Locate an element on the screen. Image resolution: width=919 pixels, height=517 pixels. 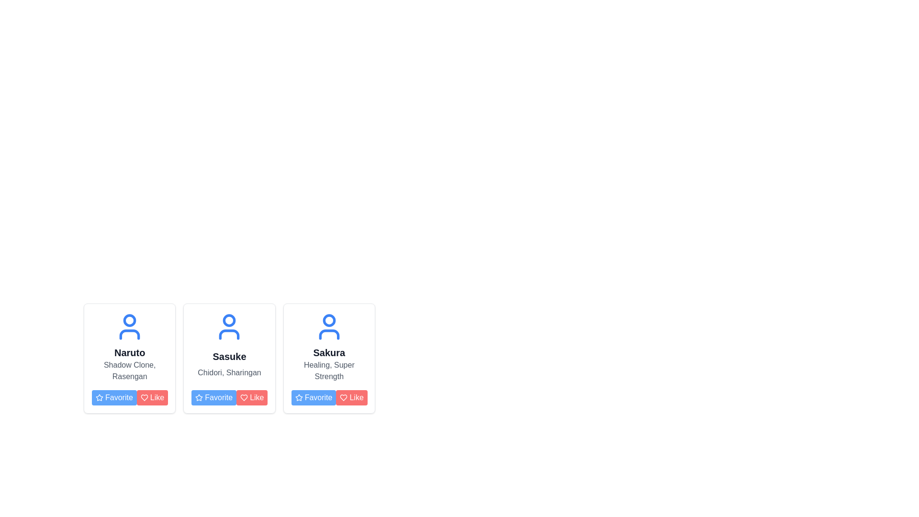
the static text label displaying 'Chidori, Sharingan', which is located below the 'Sasuke' header and above the 'Favorite' and 'Like' buttons in the second card from the left is located at coordinates (229, 372).